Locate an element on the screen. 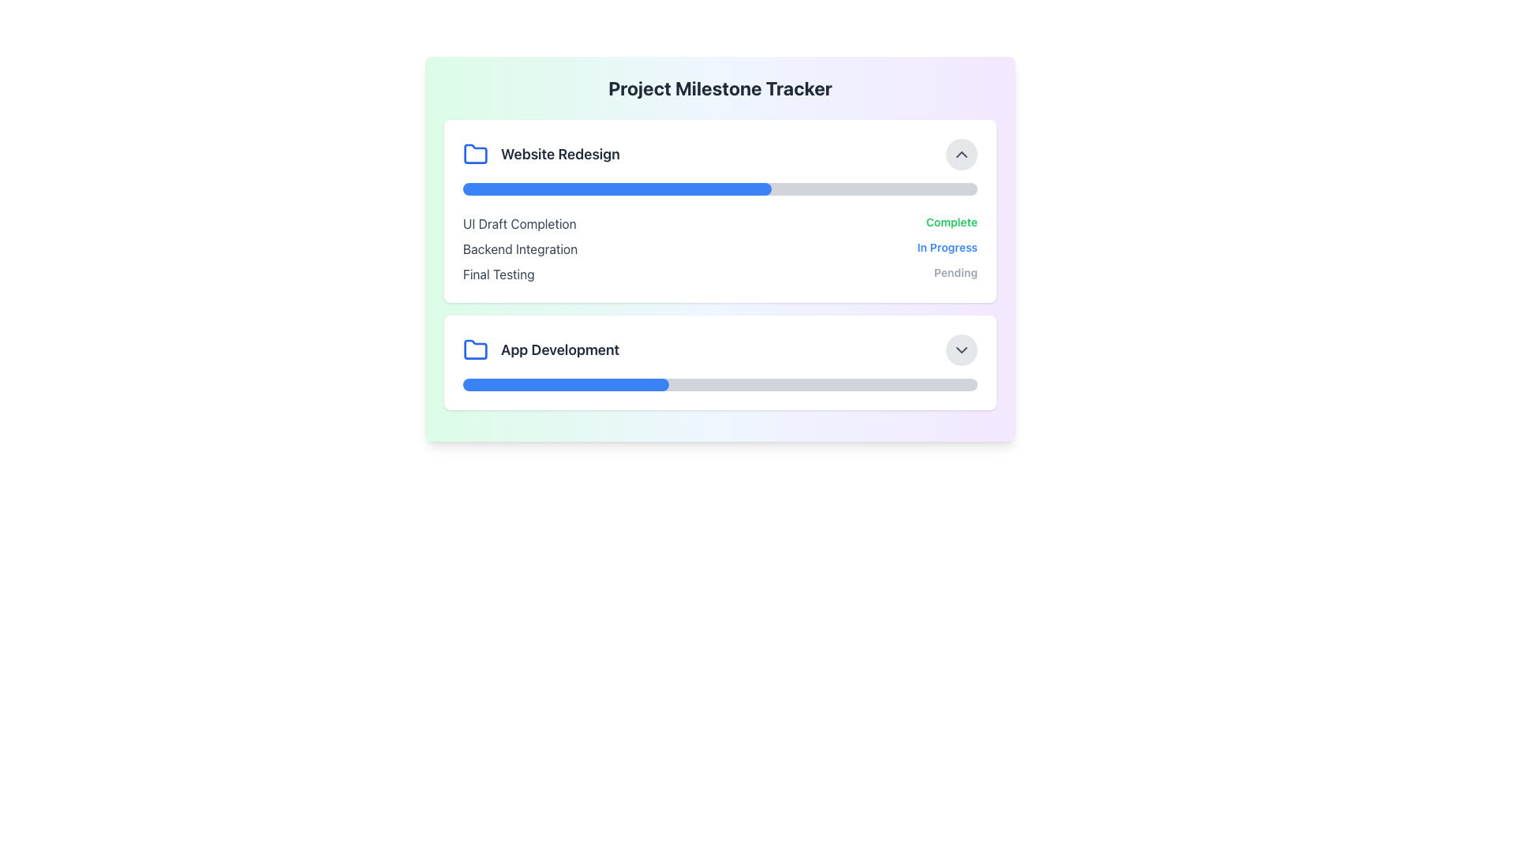 Image resolution: width=1515 pixels, height=852 pixels. the circular gray button in the top-right corner of the 'Website Redesign' project entry is located at coordinates (961, 155).